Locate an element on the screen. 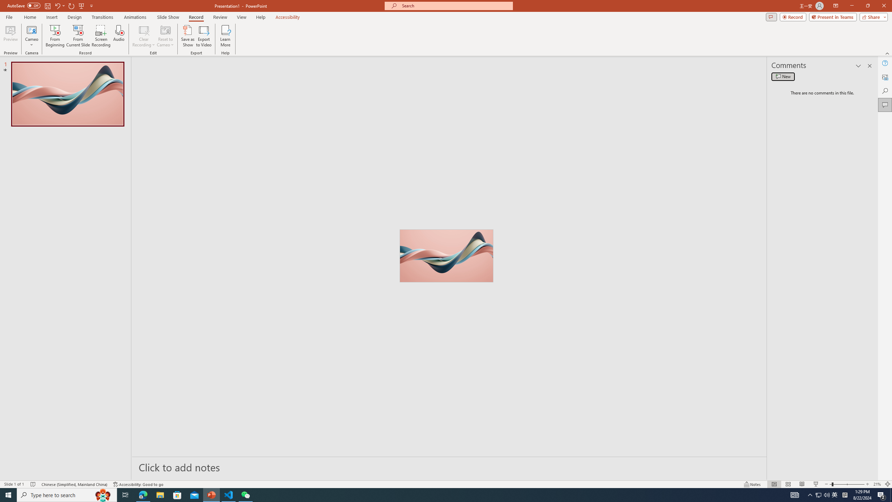 Image resolution: width=892 pixels, height=502 pixels. 'Clear Recording' is located at coordinates (144, 36).